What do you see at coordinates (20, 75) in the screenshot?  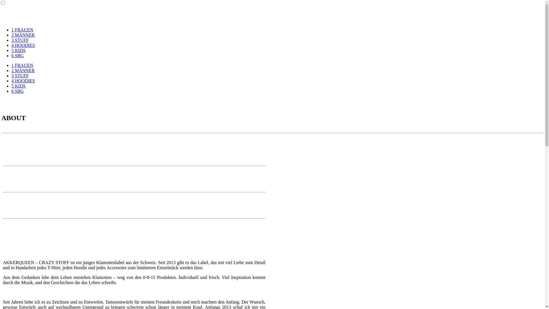 I see `'3 STUFF'` at bounding box center [20, 75].